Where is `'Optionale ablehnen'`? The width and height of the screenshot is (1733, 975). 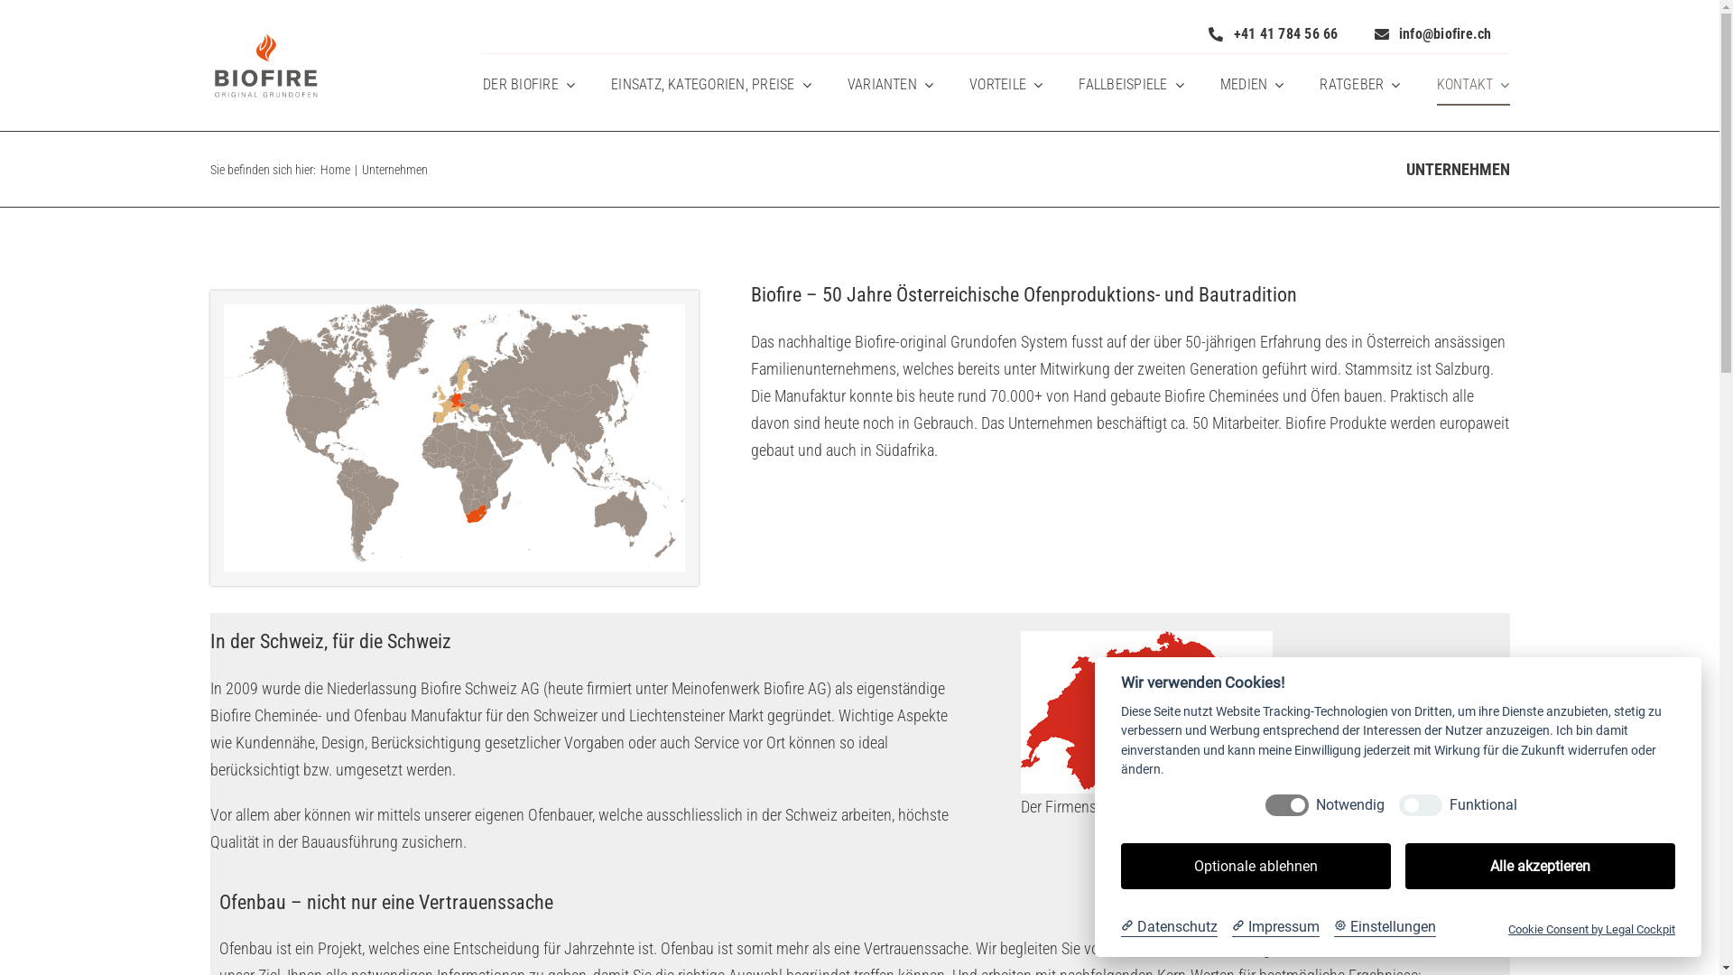 'Optionale ablehnen' is located at coordinates (1255, 865).